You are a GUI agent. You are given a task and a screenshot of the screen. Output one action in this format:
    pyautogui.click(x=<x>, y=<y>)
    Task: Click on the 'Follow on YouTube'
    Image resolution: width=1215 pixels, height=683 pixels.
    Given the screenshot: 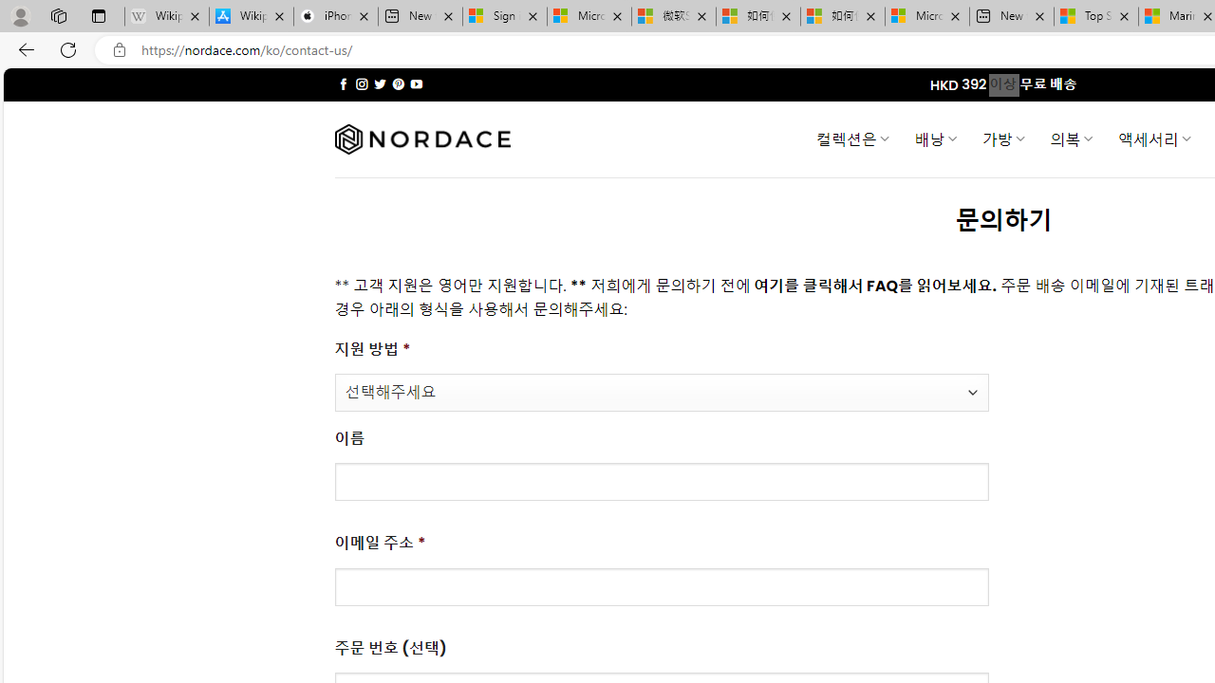 What is the action you would take?
    pyautogui.click(x=416, y=83)
    